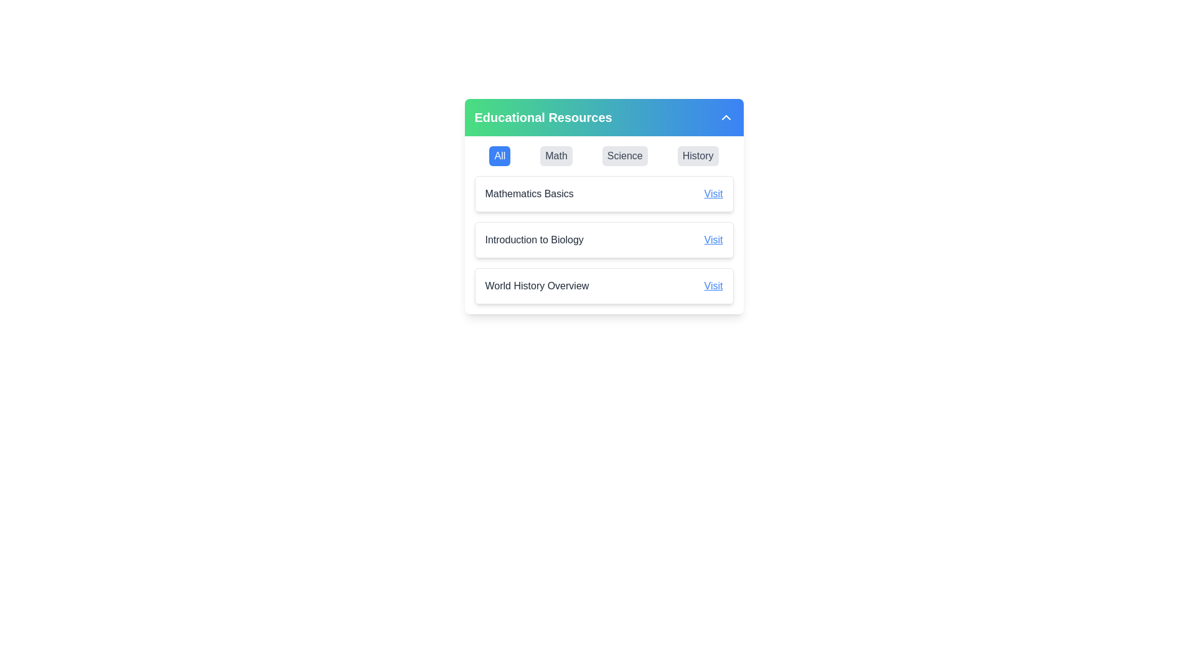 The image size is (1195, 672). I want to click on the hyperlink labeled 'Visit', which is styled as blue and underlined, located to the right of 'Mathematics Basics', so click(713, 194).